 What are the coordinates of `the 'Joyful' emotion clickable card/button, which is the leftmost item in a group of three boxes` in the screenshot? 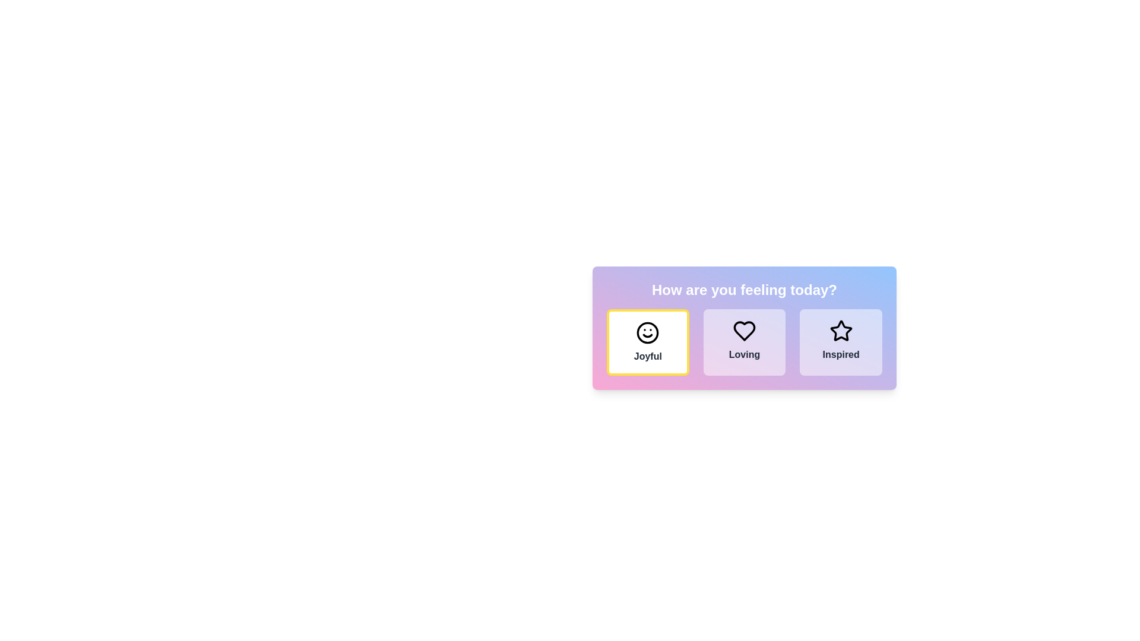 It's located at (647, 342).